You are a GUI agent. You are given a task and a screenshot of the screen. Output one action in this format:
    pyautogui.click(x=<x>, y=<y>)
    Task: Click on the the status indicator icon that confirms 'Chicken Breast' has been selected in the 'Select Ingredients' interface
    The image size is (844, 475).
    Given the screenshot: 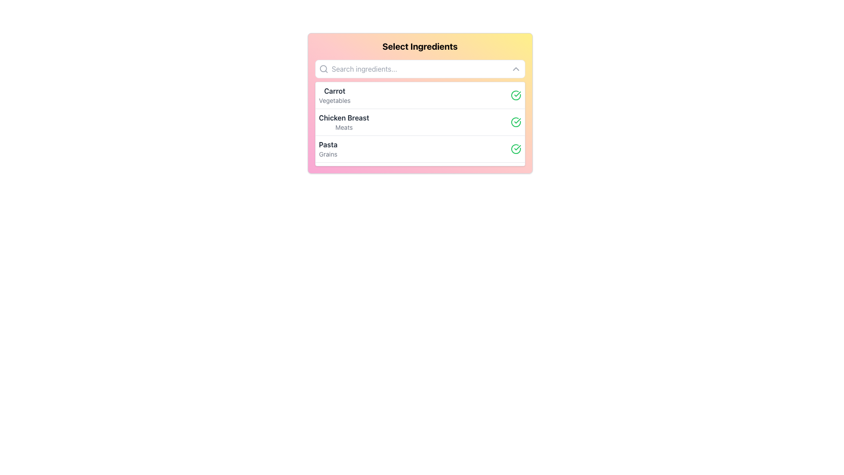 What is the action you would take?
    pyautogui.click(x=516, y=122)
    